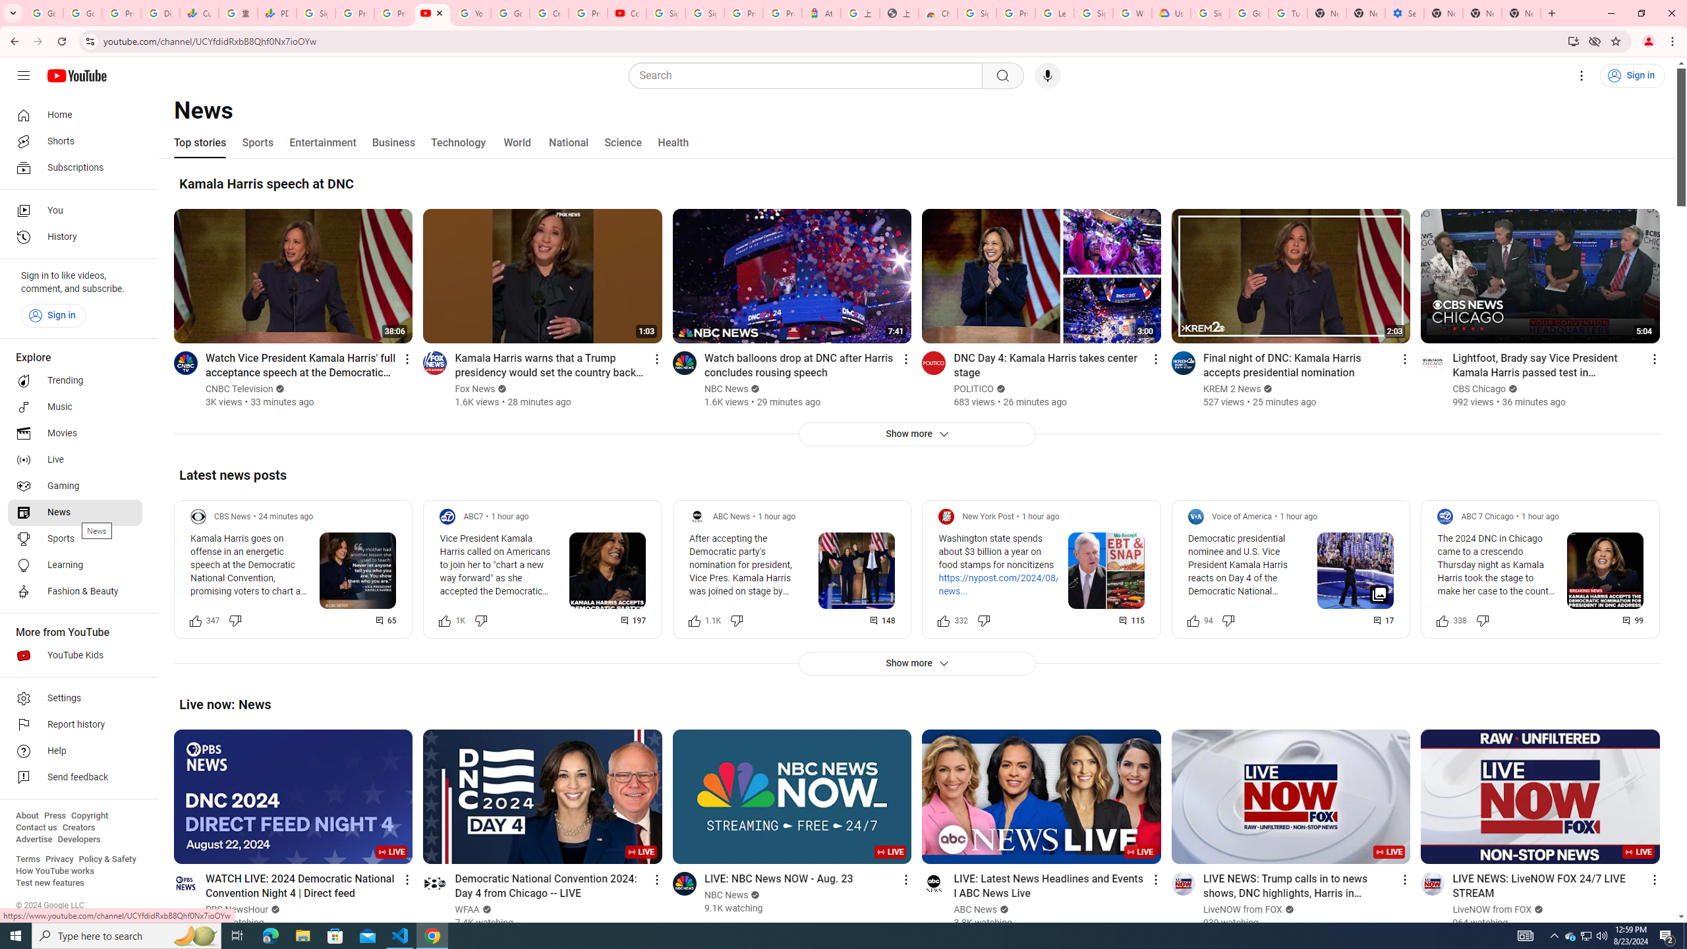  What do you see at coordinates (1404, 13) in the screenshot?
I see `'Settings - Addresses and more'` at bounding box center [1404, 13].